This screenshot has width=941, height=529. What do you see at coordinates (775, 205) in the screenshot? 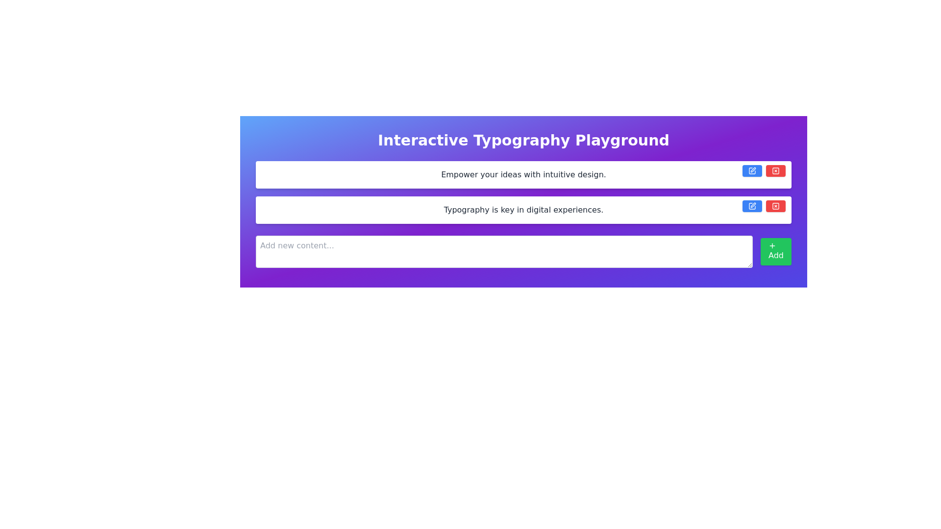
I see `the red button with rounded corners and white text located at the top-right corner of the second text input box` at bounding box center [775, 205].